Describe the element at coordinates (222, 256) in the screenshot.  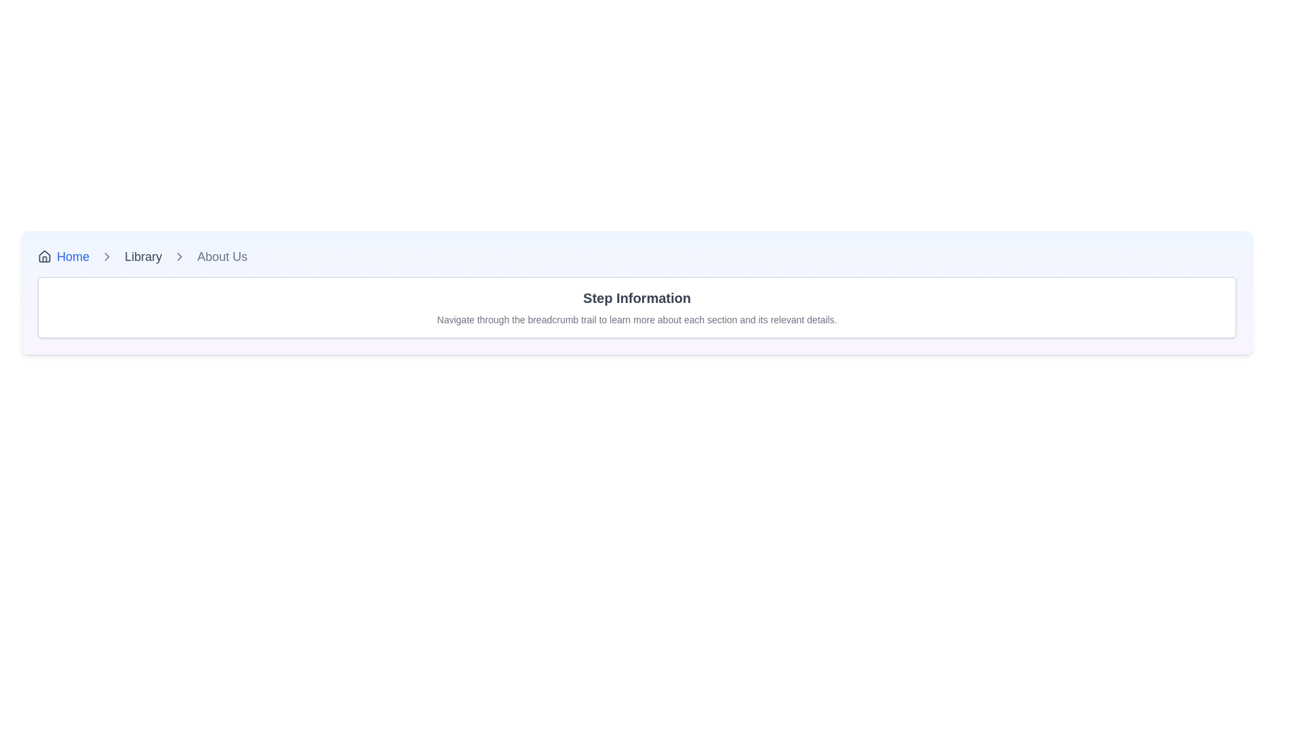
I see `the breadcrumb item labeled 'About Us' in the navigation hierarchy, which is the third item in the breadcrumb navigation bar` at that location.